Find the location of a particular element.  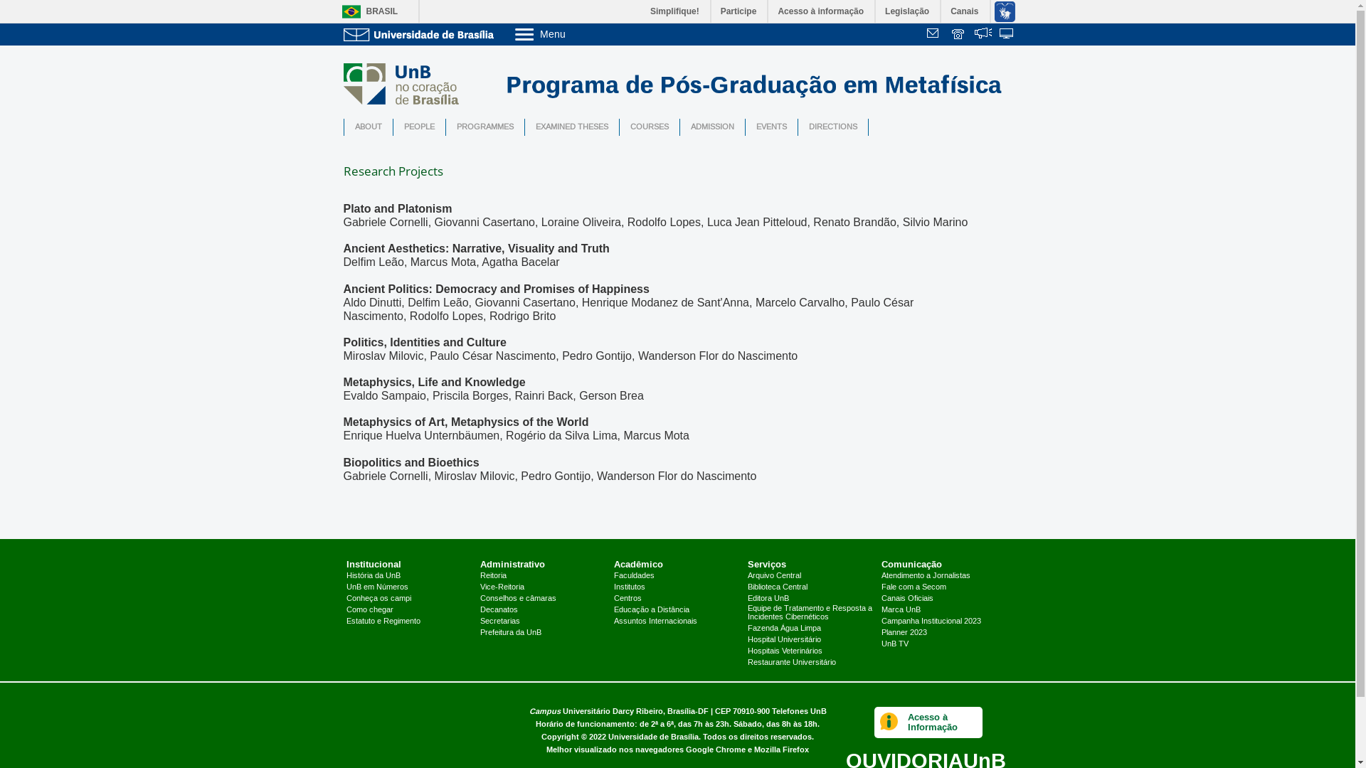

'Canais' is located at coordinates (965, 11).